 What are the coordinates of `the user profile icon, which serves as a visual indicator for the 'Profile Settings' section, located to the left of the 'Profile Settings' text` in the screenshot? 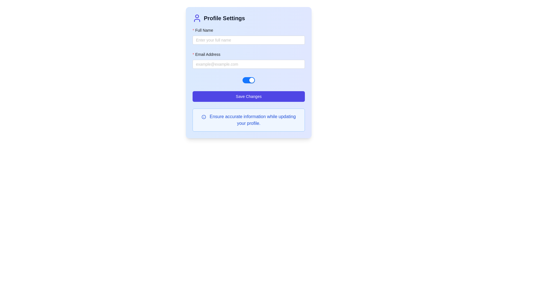 It's located at (197, 18).